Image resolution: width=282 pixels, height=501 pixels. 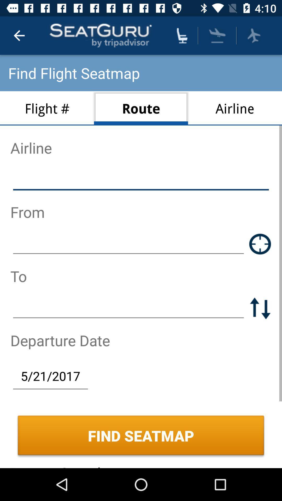 What do you see at coordinates (260, 308) in the screenshot?
I see `switch elements` at bounding box center [260, 308].